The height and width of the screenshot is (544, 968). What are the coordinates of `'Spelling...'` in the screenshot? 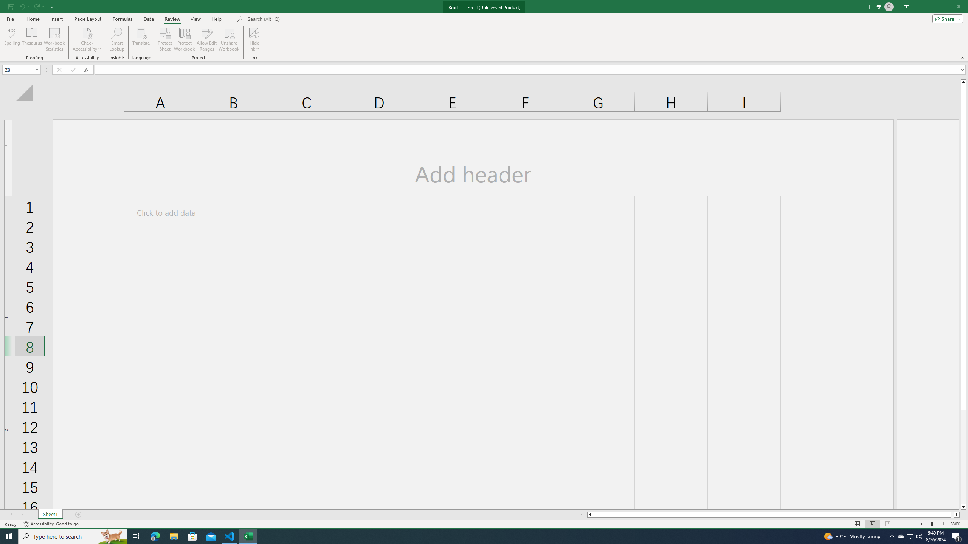 It's located at (12, 39).